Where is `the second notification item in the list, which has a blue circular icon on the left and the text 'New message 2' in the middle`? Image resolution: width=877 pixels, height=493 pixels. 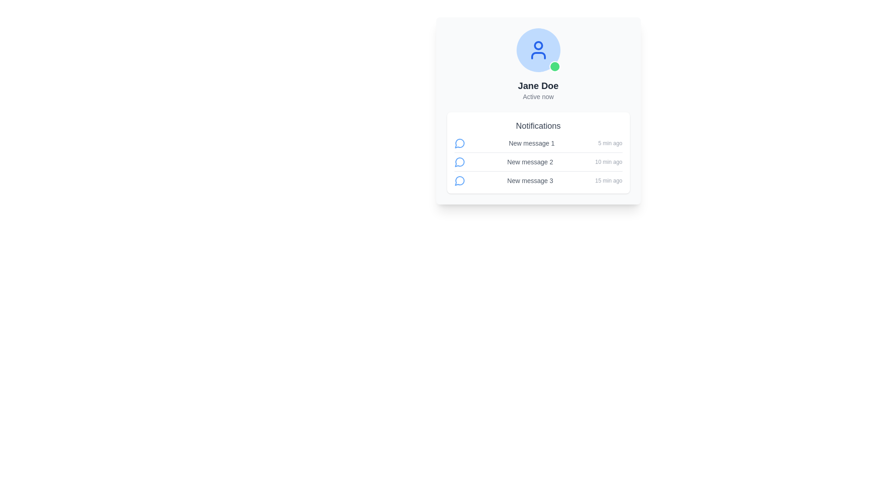 the second notification item in the list, which has a blue circular icon on the left and the text 'New message 2' in the middle is located at coordinates (538, 163).